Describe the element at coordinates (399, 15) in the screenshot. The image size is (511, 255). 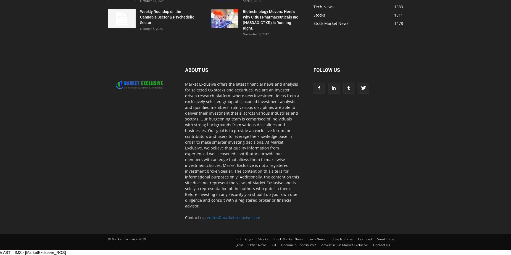
I see `'1511'` at that location.